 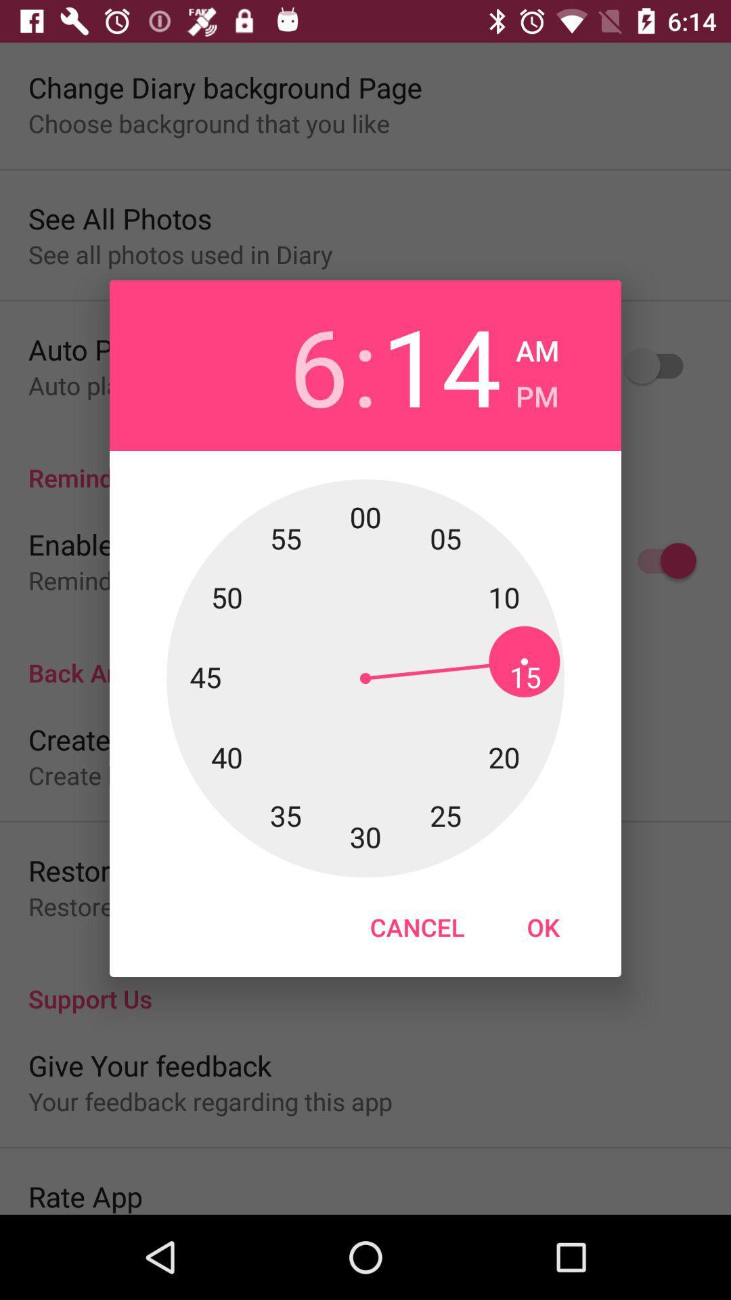 What do you see at coordinates (441, 365) in the screenshot?
I see `the app next to the :` at bounding box center [441, 365].